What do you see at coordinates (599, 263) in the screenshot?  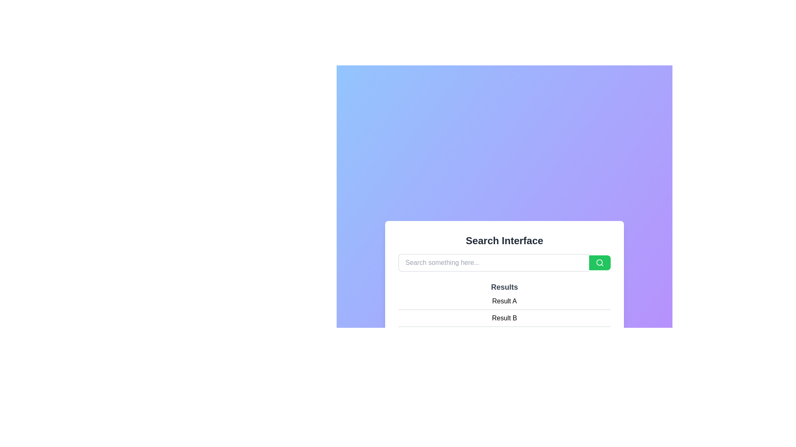 I see `the green rectangular button with rounded corners containing a white magnifying glass icon, located to the right of the search bar` at bounding box center [599, 263].